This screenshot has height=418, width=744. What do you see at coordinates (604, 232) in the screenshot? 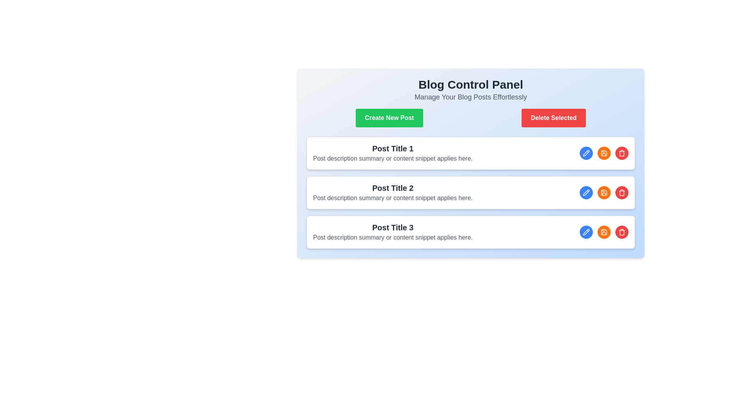
I see `the save icon, which resembles a floppy disk and is positioned as the second icon in a horizontal group of icons to the right of each post item in the list` at bounding box center [604, 232].